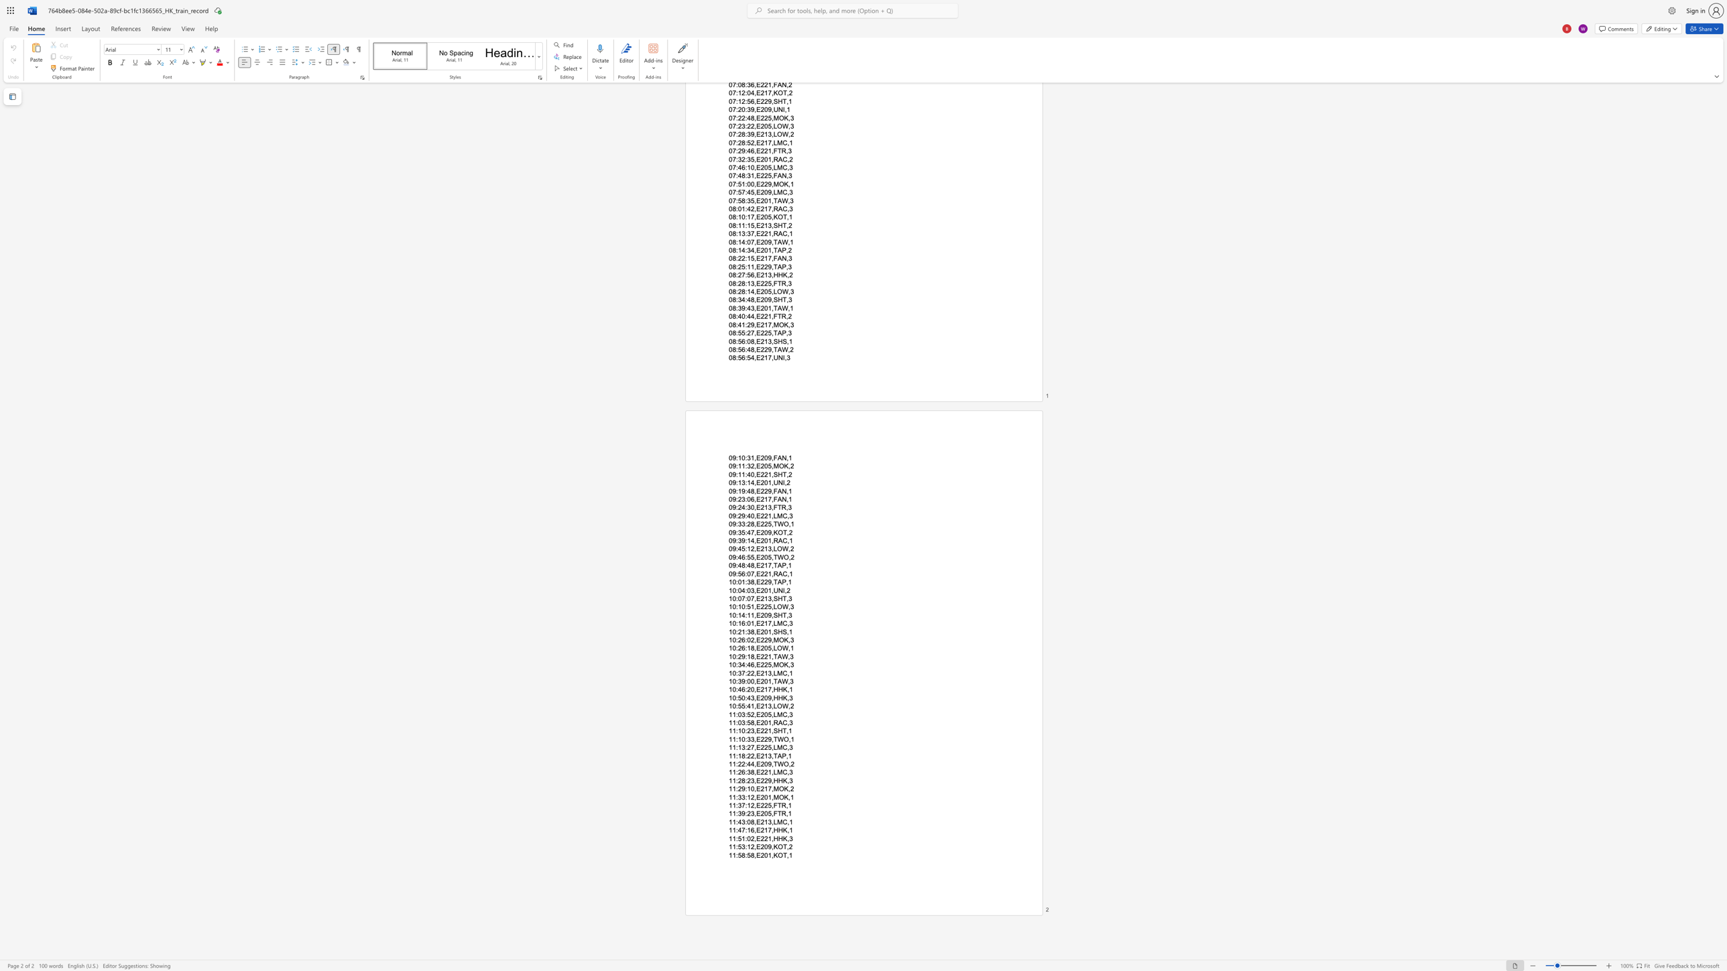  I want to click on the space between the continuous character "T" and "R" in the text, so click(781, 805).